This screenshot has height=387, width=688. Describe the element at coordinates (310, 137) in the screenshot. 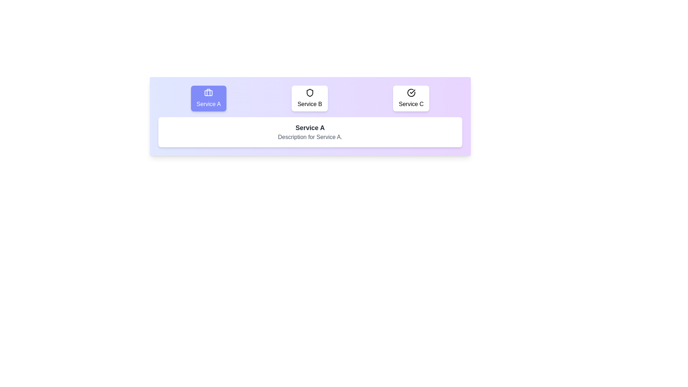

I see `the Static Text that provides additional information about 'Service A', positioned below the heading labeled 'Service A'` at that location.